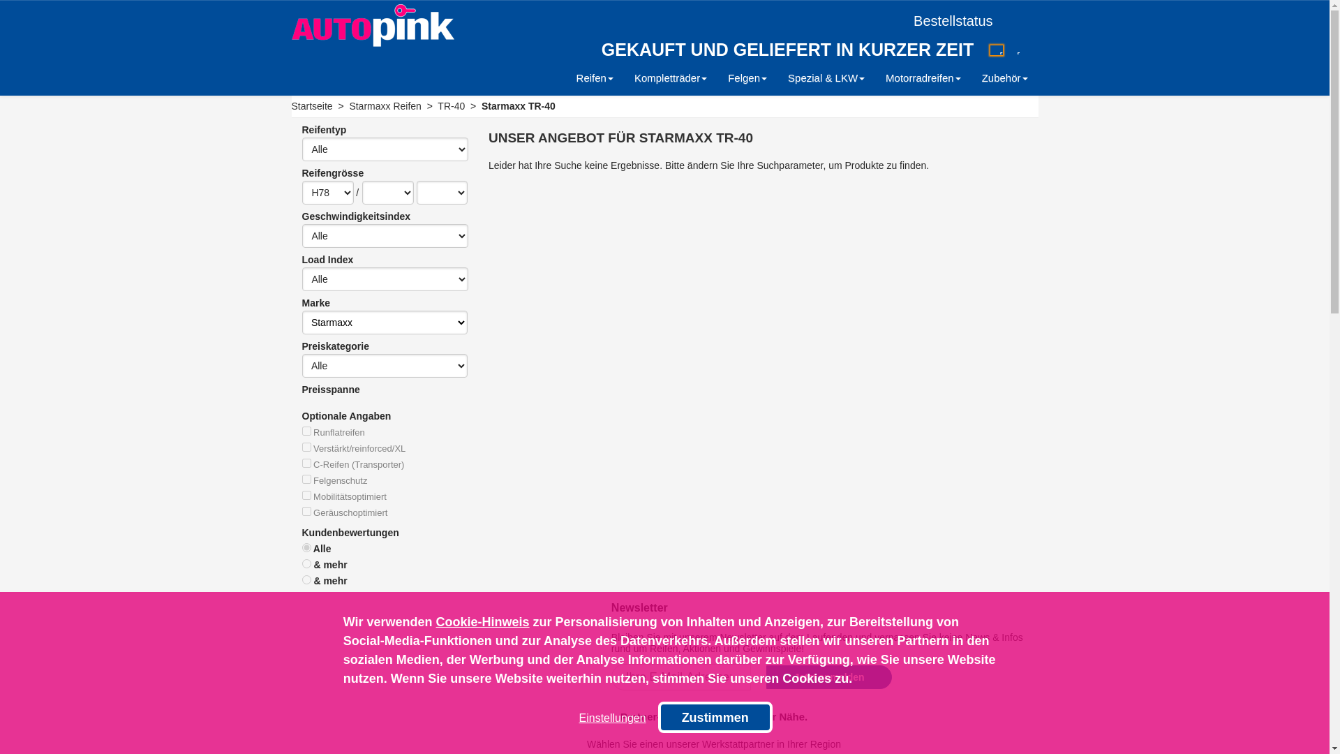 The width and height of the screenshot is (1340, 754). I want to click on 'Zustimmen', so click(657, 717).